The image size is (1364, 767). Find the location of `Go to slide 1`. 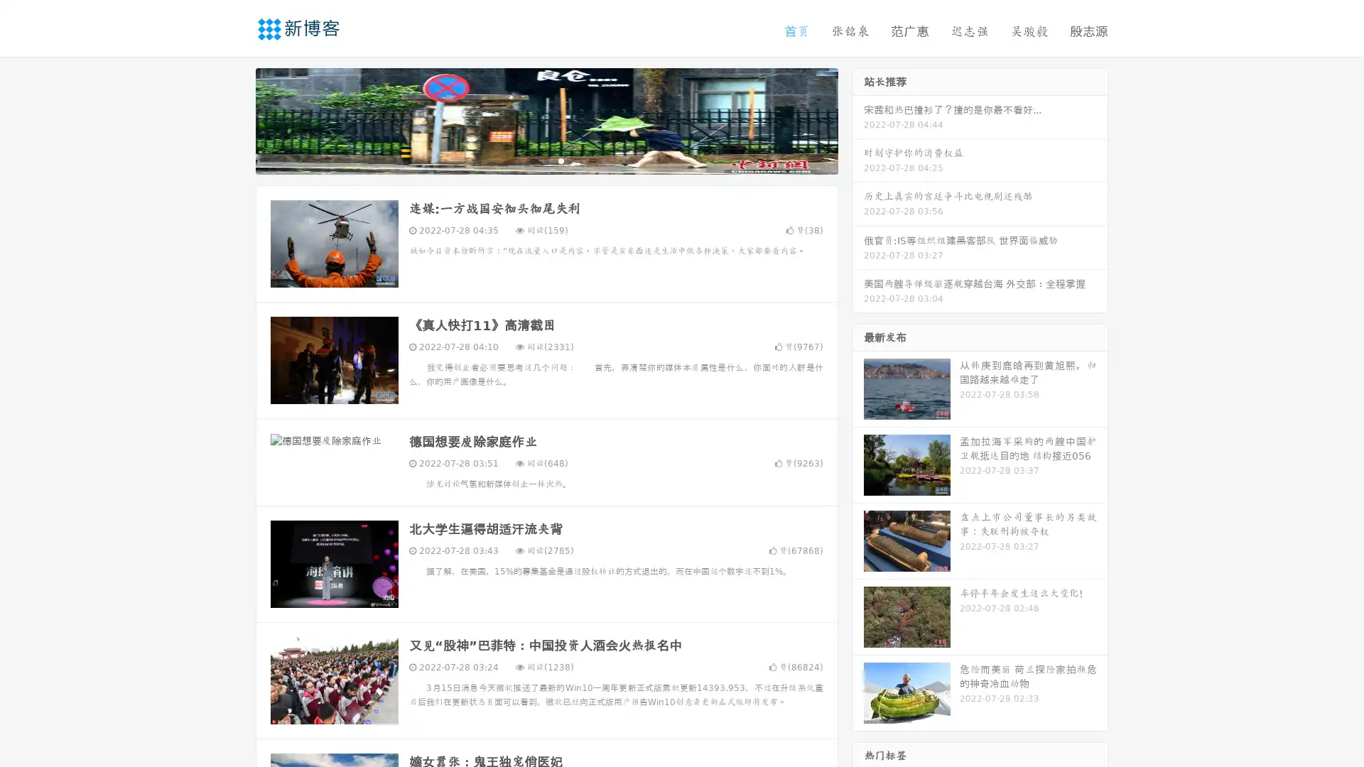

Go to slide 1 is located at coordinates (531, 160).